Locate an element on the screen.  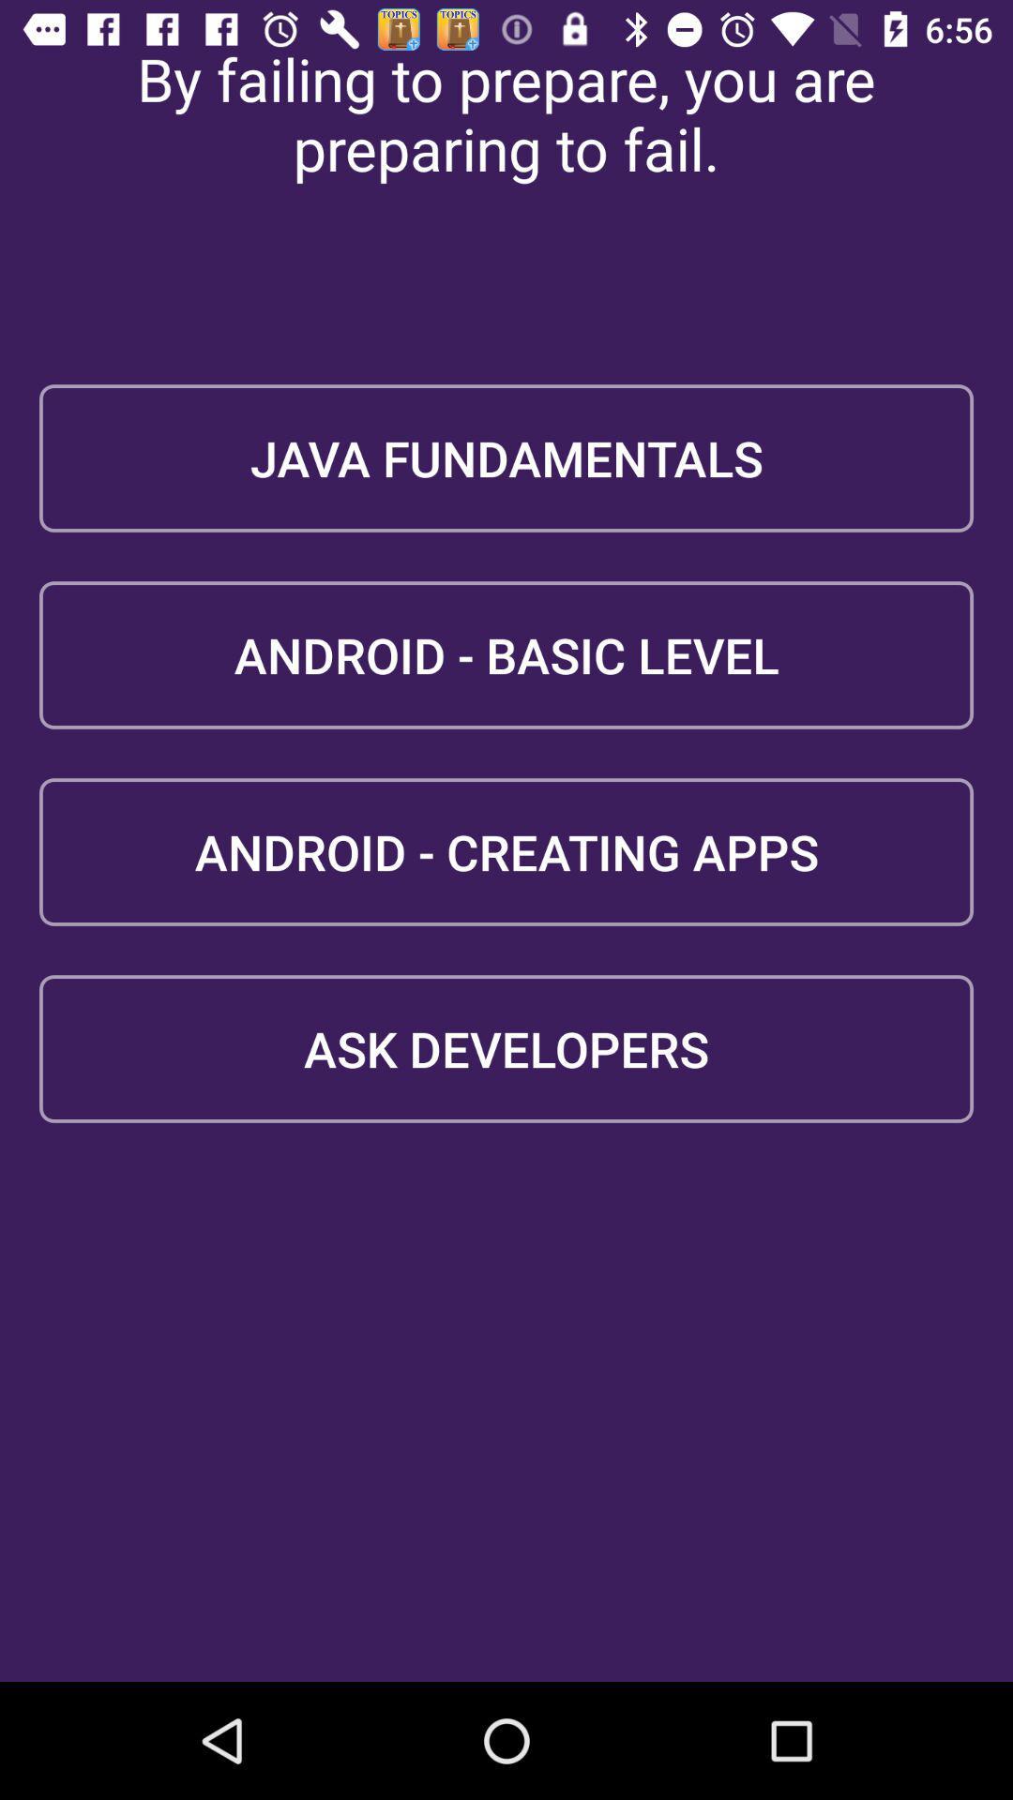
android - creating apps icon is located at coordinates (506, 850).